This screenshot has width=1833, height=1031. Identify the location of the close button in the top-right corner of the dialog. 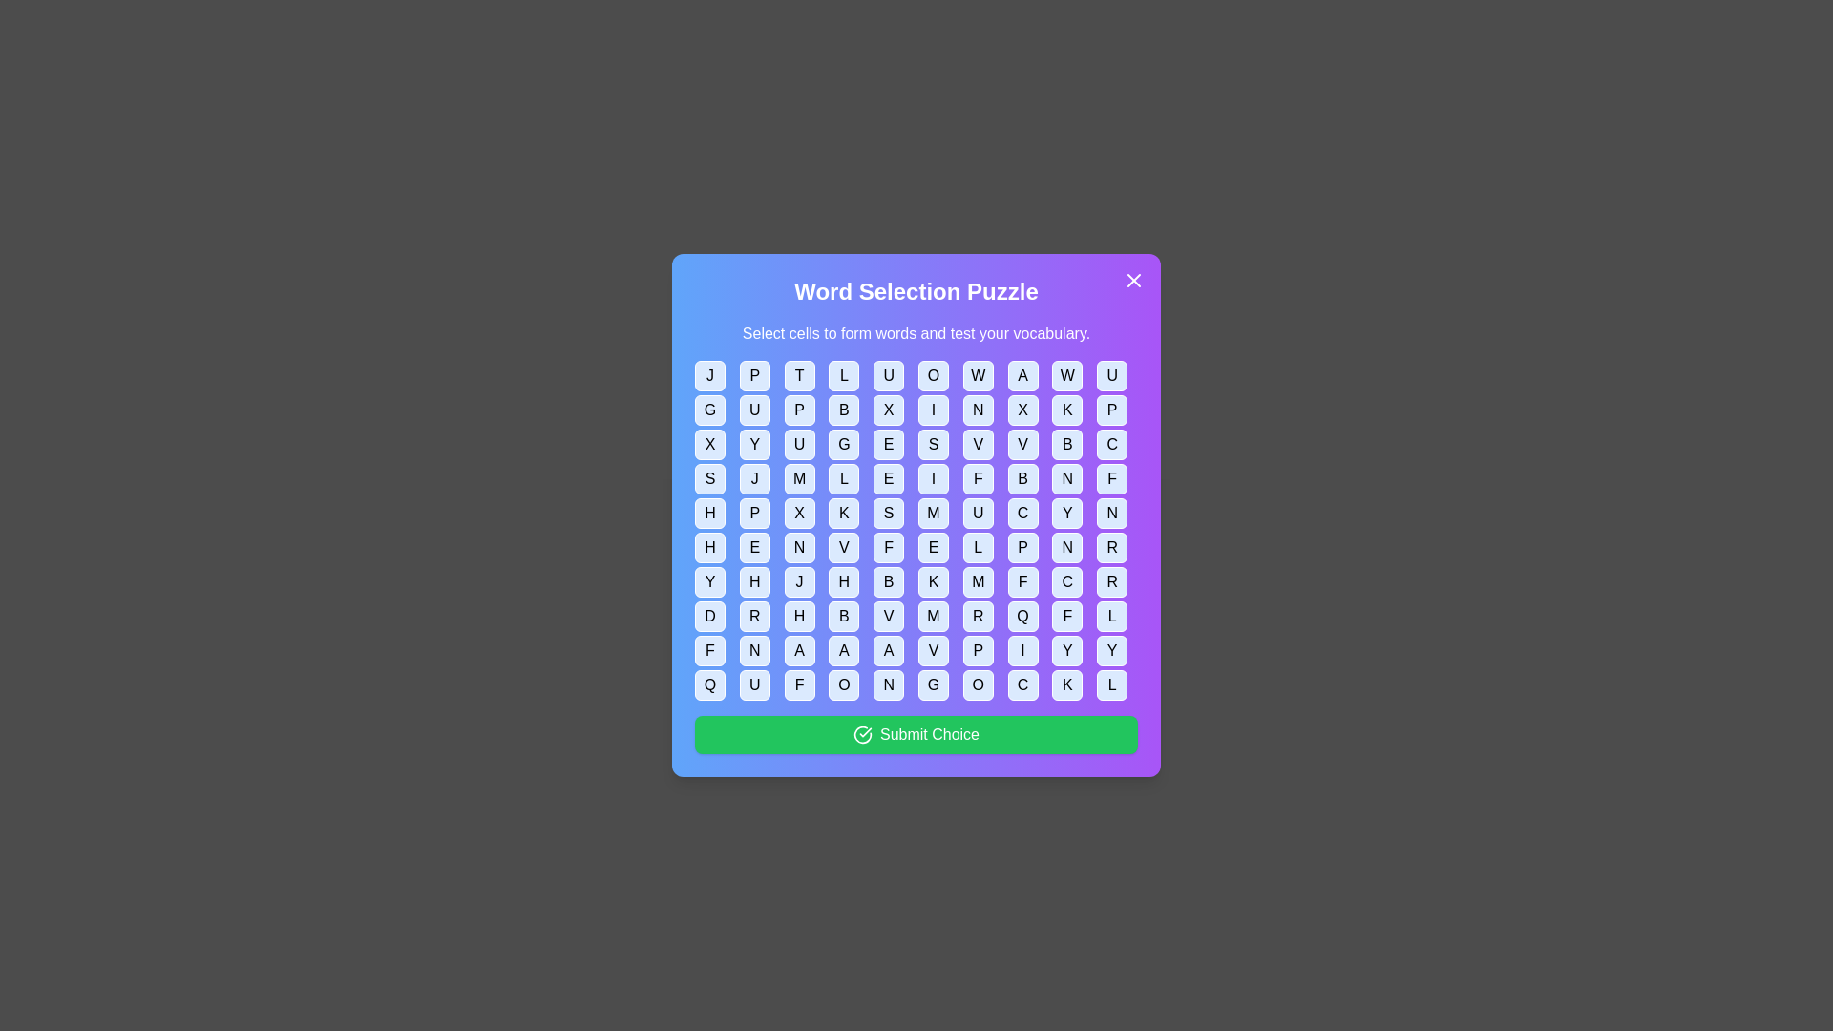
(1134, 280).